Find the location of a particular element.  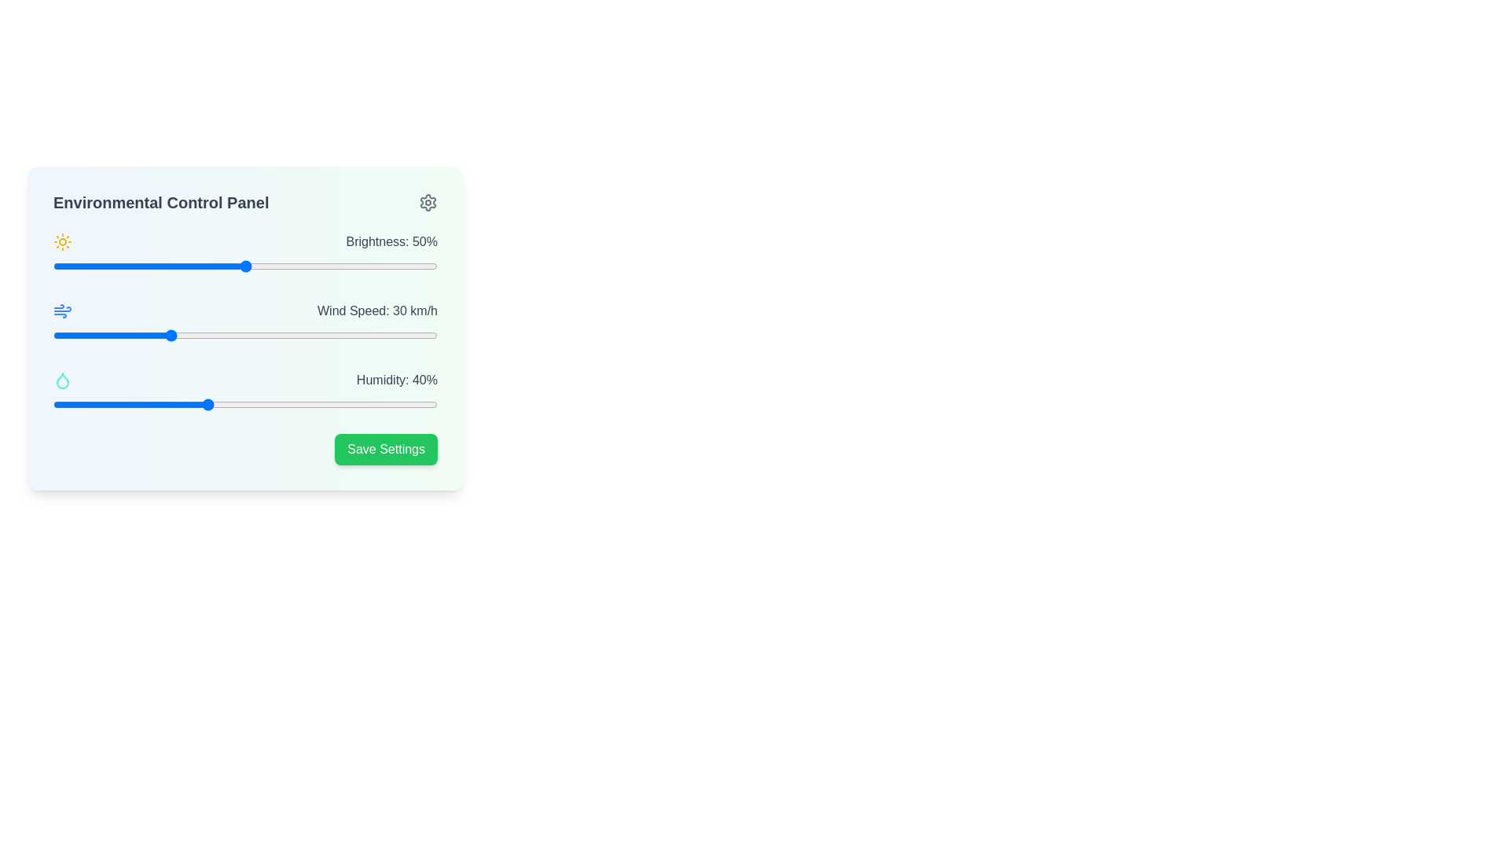

humidity is located at coordinates (130, 404).